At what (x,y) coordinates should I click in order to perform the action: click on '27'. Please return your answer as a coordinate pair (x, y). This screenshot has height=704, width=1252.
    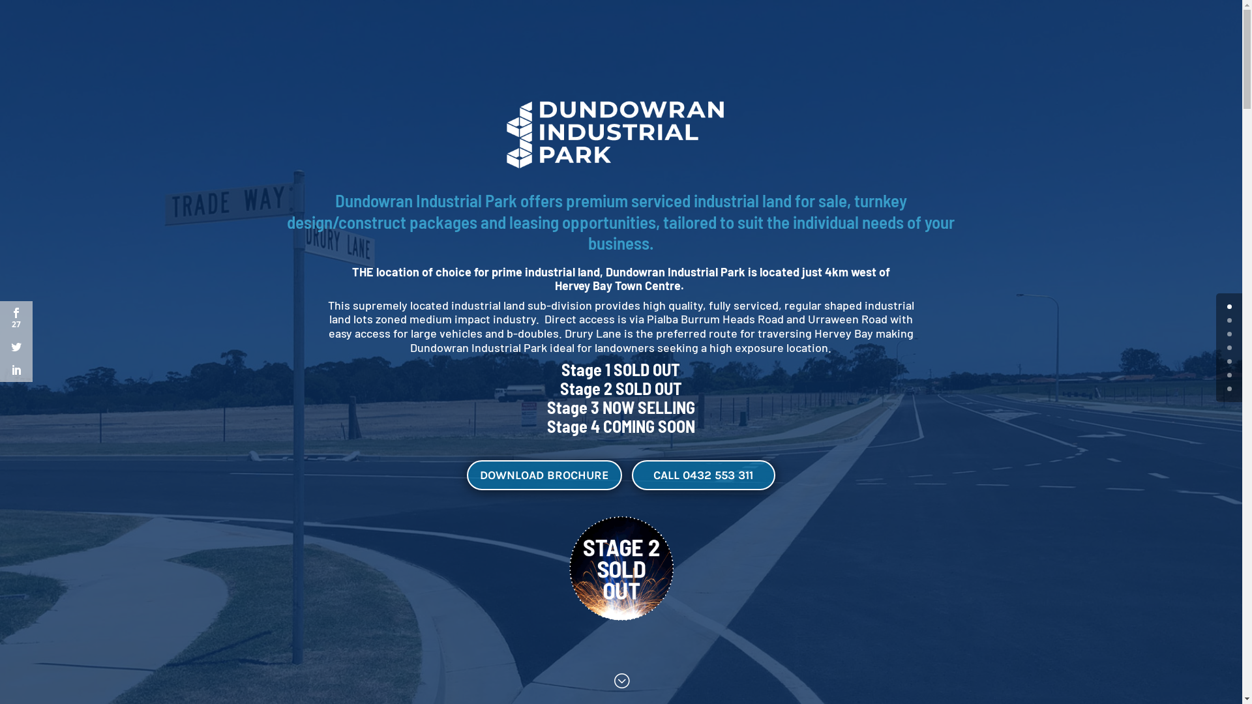
    Looking at the image, I should click on (16, 318).